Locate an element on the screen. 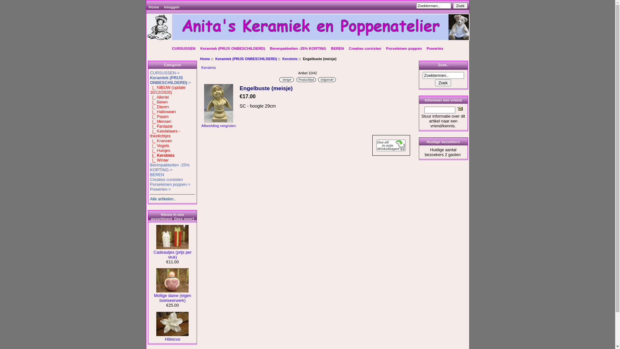  'Hibiscus' is located at coordinates (172, 337).